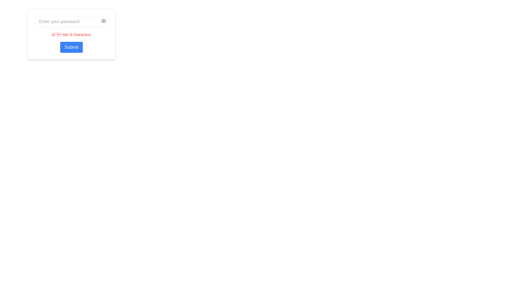 The width and height of the screenshot is (528, 297). What do you see at coordinates (104, 21) in the screenshot?
I see `the visibility toggle icon located within the password input area, aligned to the right side of the text field` at bounding box center [104, 21].